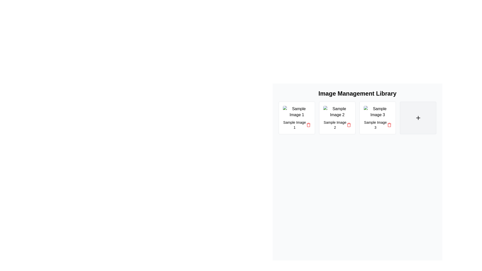 This screenshot has height=271, width=482. Describe the element at coordinates (349, 125) in the screenshot. I see `the decorative trash can icon located in the third icon of the row, positioned below the top bar and above the lid's outline` at that location.